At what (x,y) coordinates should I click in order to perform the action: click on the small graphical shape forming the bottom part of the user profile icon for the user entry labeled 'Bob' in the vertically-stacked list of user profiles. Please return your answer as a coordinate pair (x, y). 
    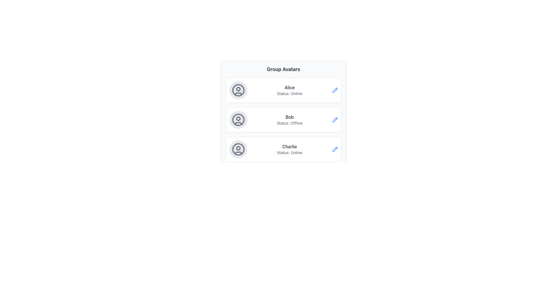
    Looking at the image, I should click on (238, 123).